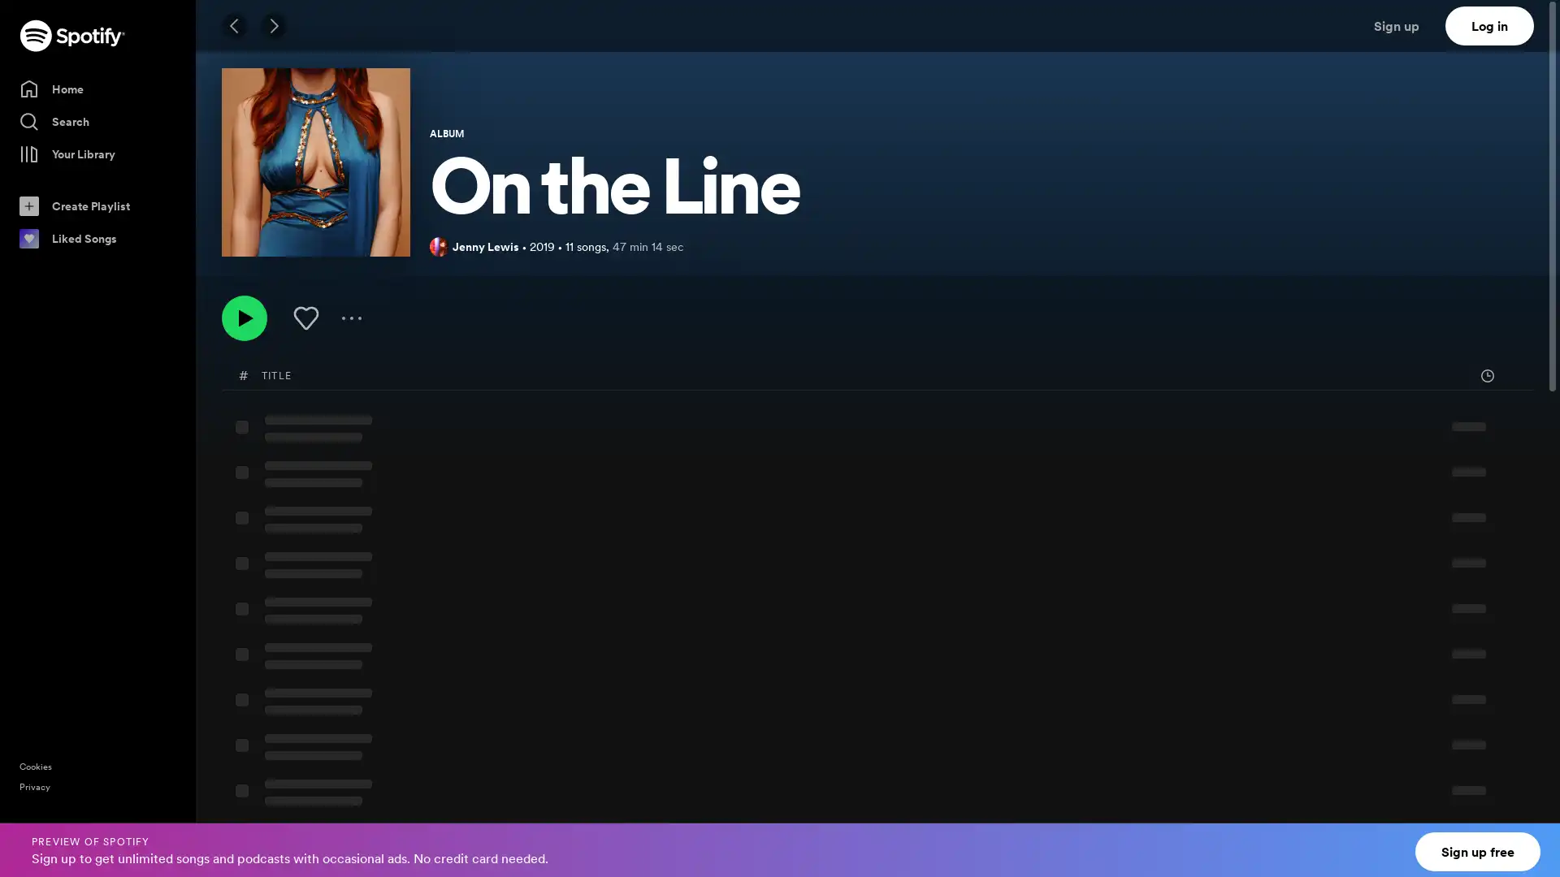  I want to click on Play Wasted Youth by Jenny Lewis, so click(241, 473).